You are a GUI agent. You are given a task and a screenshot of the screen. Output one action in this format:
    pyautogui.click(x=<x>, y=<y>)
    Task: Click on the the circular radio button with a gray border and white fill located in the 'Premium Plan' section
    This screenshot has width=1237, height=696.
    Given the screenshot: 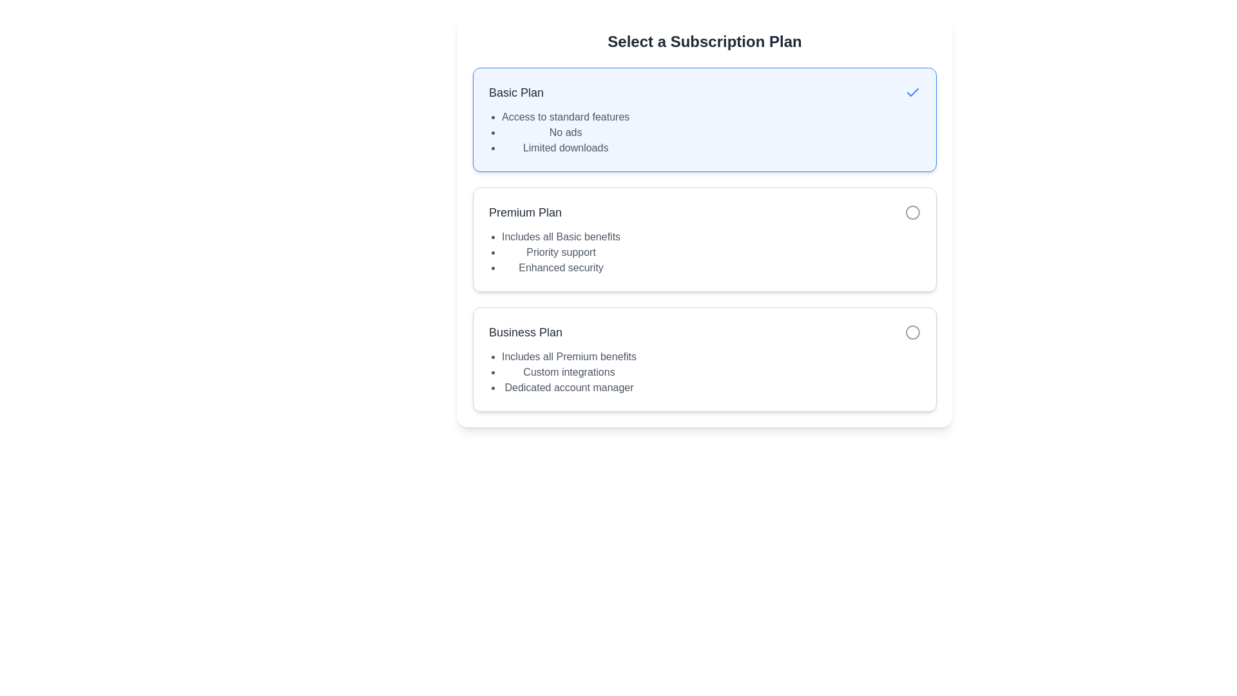 What is the action you would take?
    pyautogui.click(x=912, y=212)
    